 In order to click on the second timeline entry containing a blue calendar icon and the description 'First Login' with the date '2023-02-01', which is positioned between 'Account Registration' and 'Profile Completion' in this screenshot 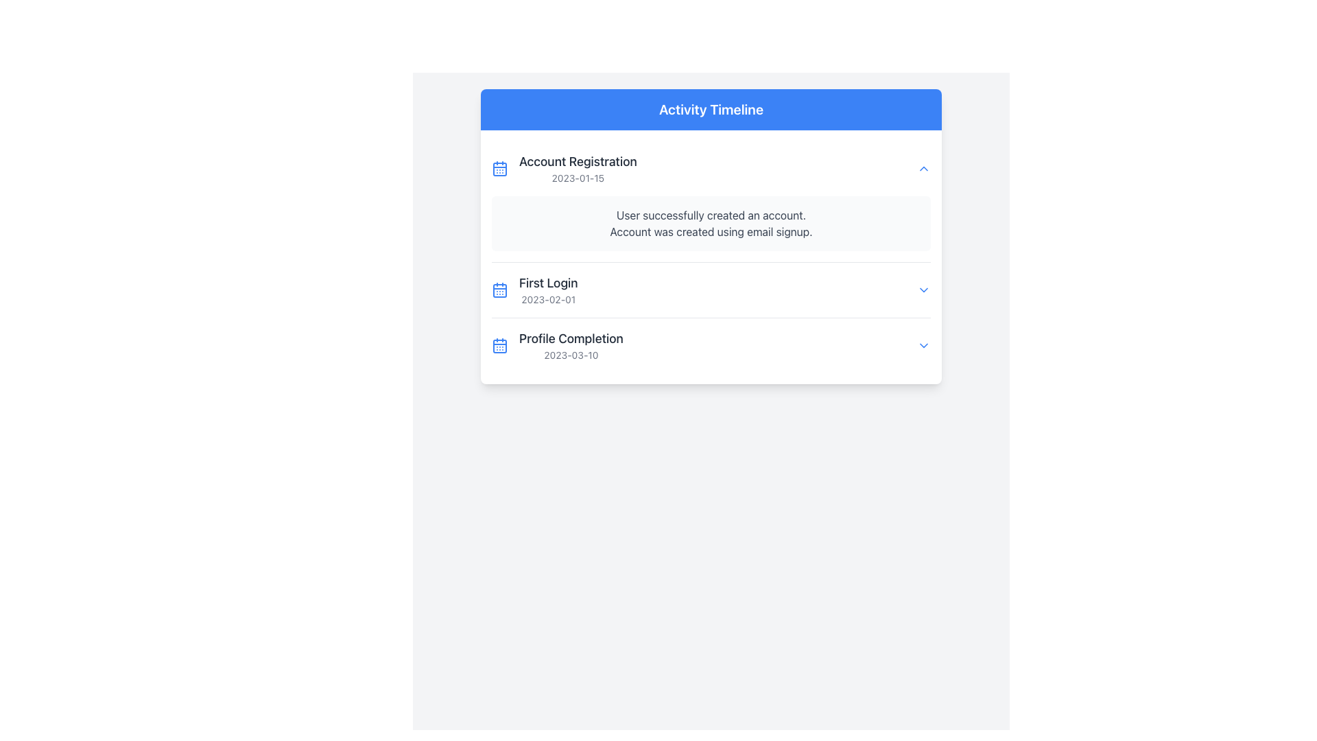, I will do `click(534, 290)`.